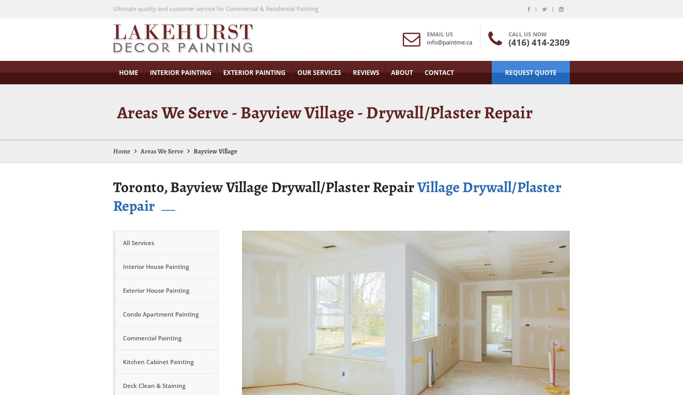  Describe the element at coordinates (530, 73) in the screenshot. I see `'request quote'` at that location.